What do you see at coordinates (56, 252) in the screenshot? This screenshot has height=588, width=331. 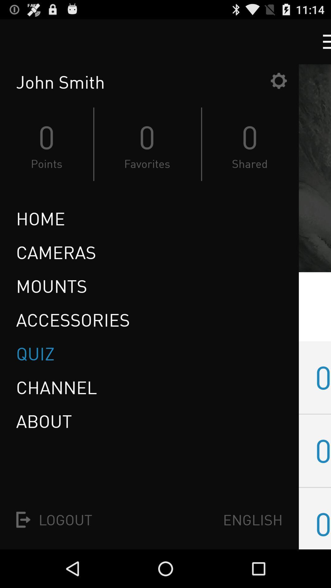 I see `the cameras` at bounding box center [56, 252].